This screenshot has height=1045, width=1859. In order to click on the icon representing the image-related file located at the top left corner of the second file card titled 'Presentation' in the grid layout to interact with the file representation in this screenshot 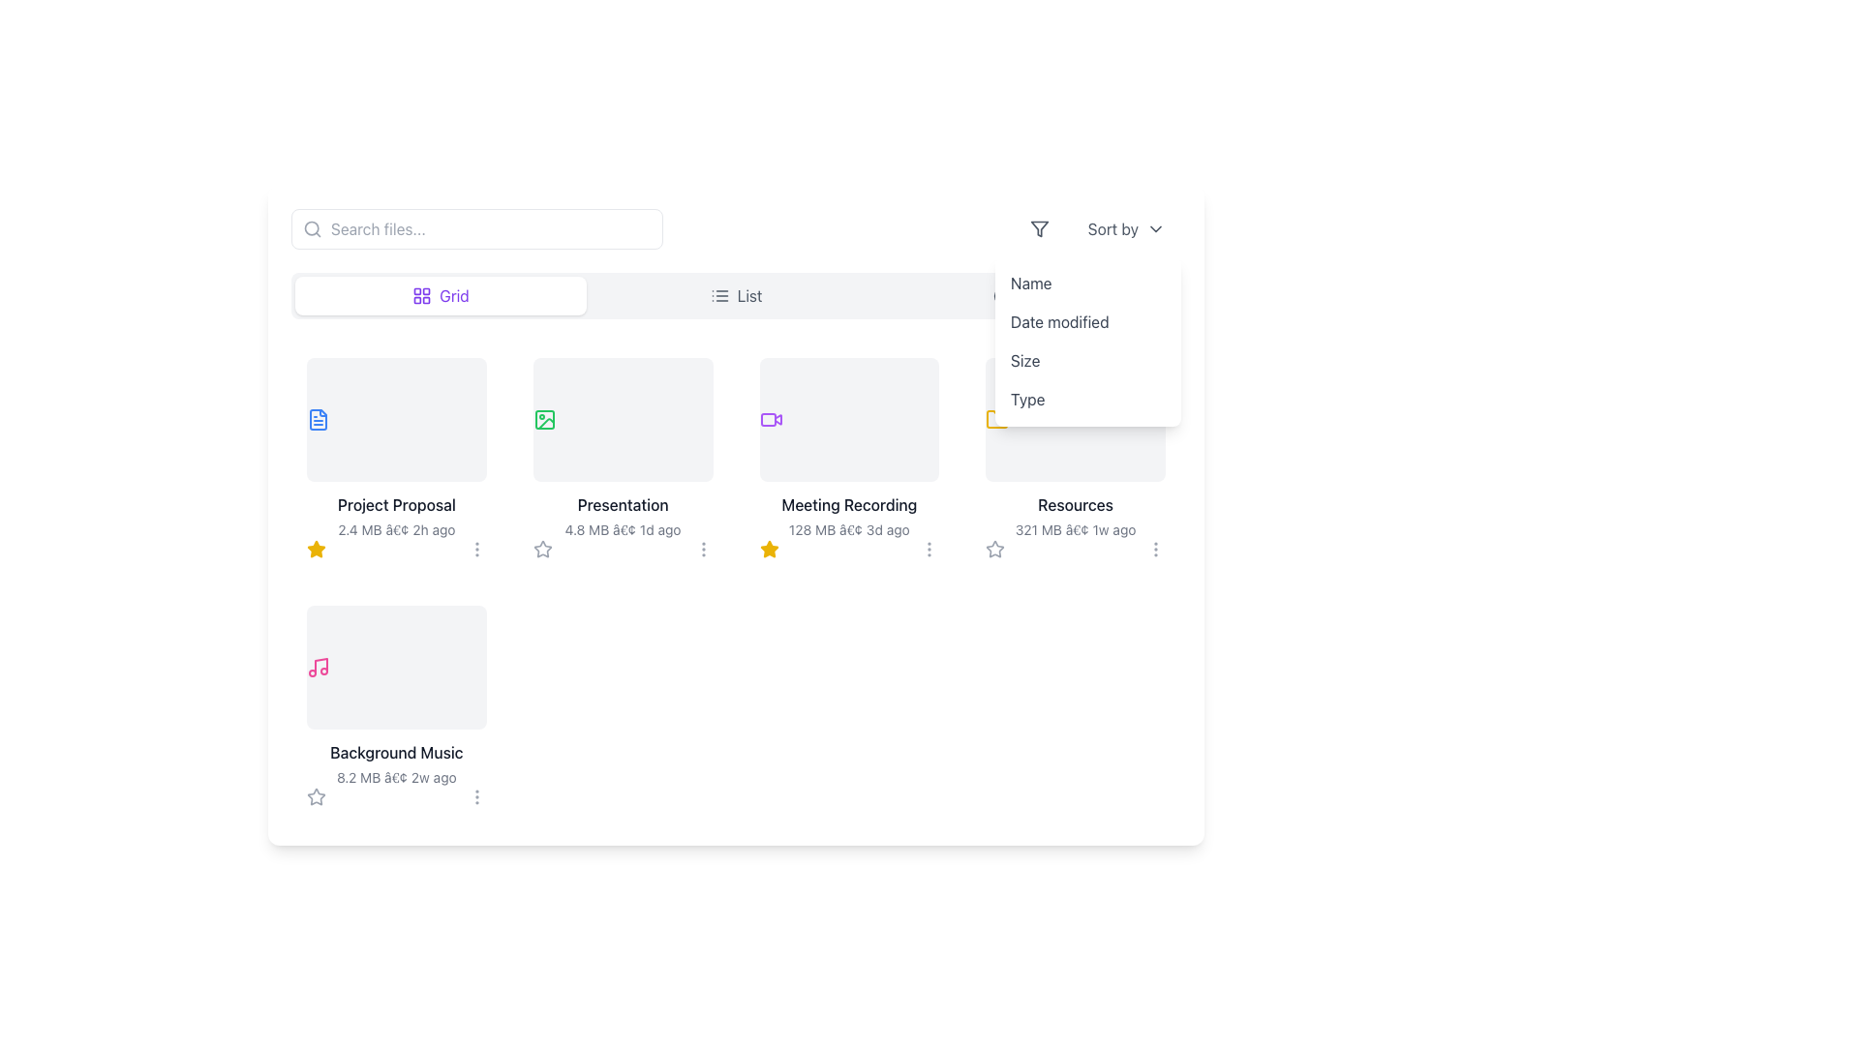, I will do `click(543, 419)`.